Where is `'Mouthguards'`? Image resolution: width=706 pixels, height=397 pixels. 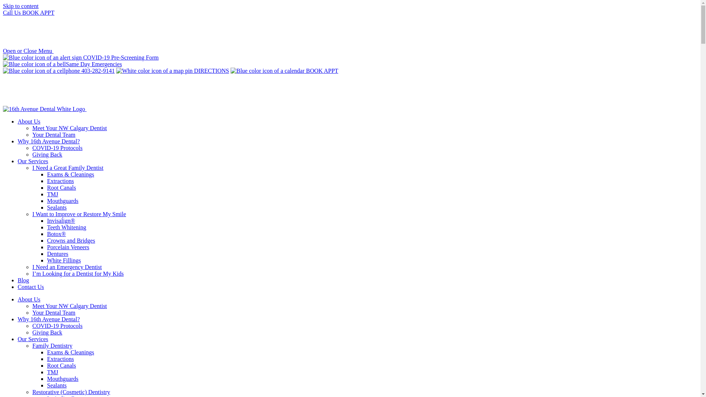
'Mouthguards' is located at coordinates (47, 379).